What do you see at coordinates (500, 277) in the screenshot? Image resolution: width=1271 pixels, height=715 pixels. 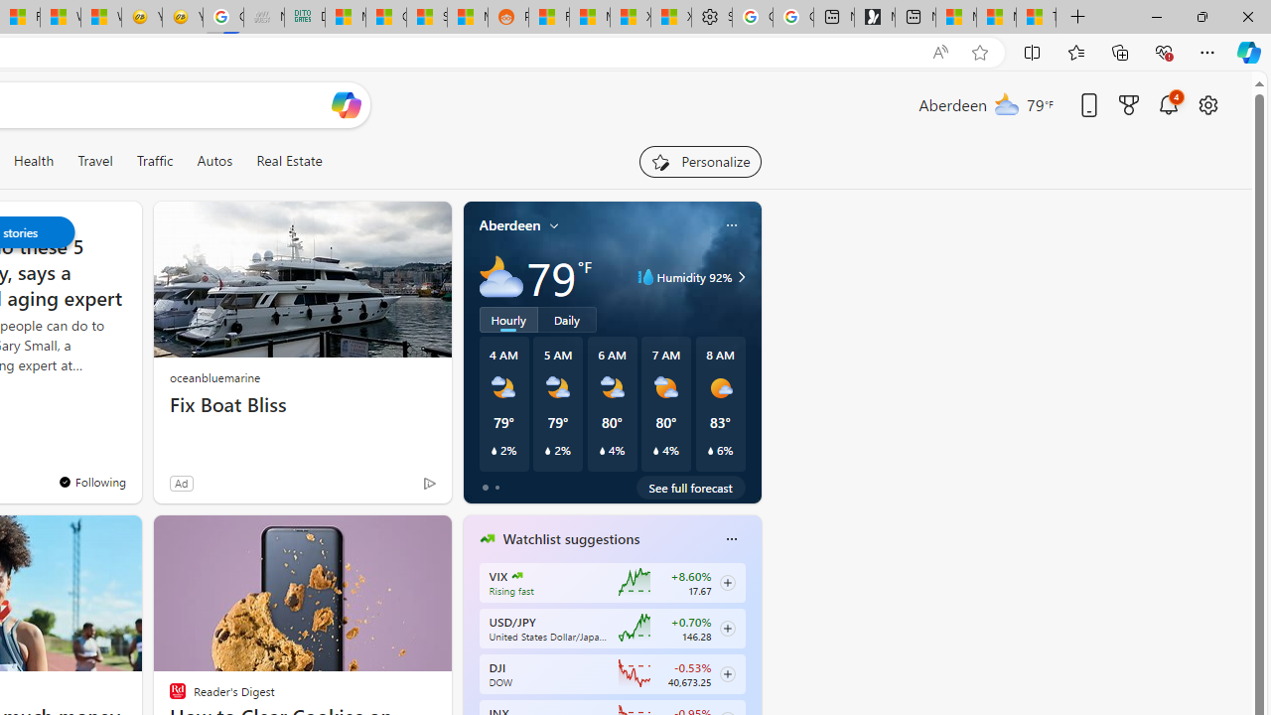 I see `'Mostly cloudy'` at bounding box center [500, 277].